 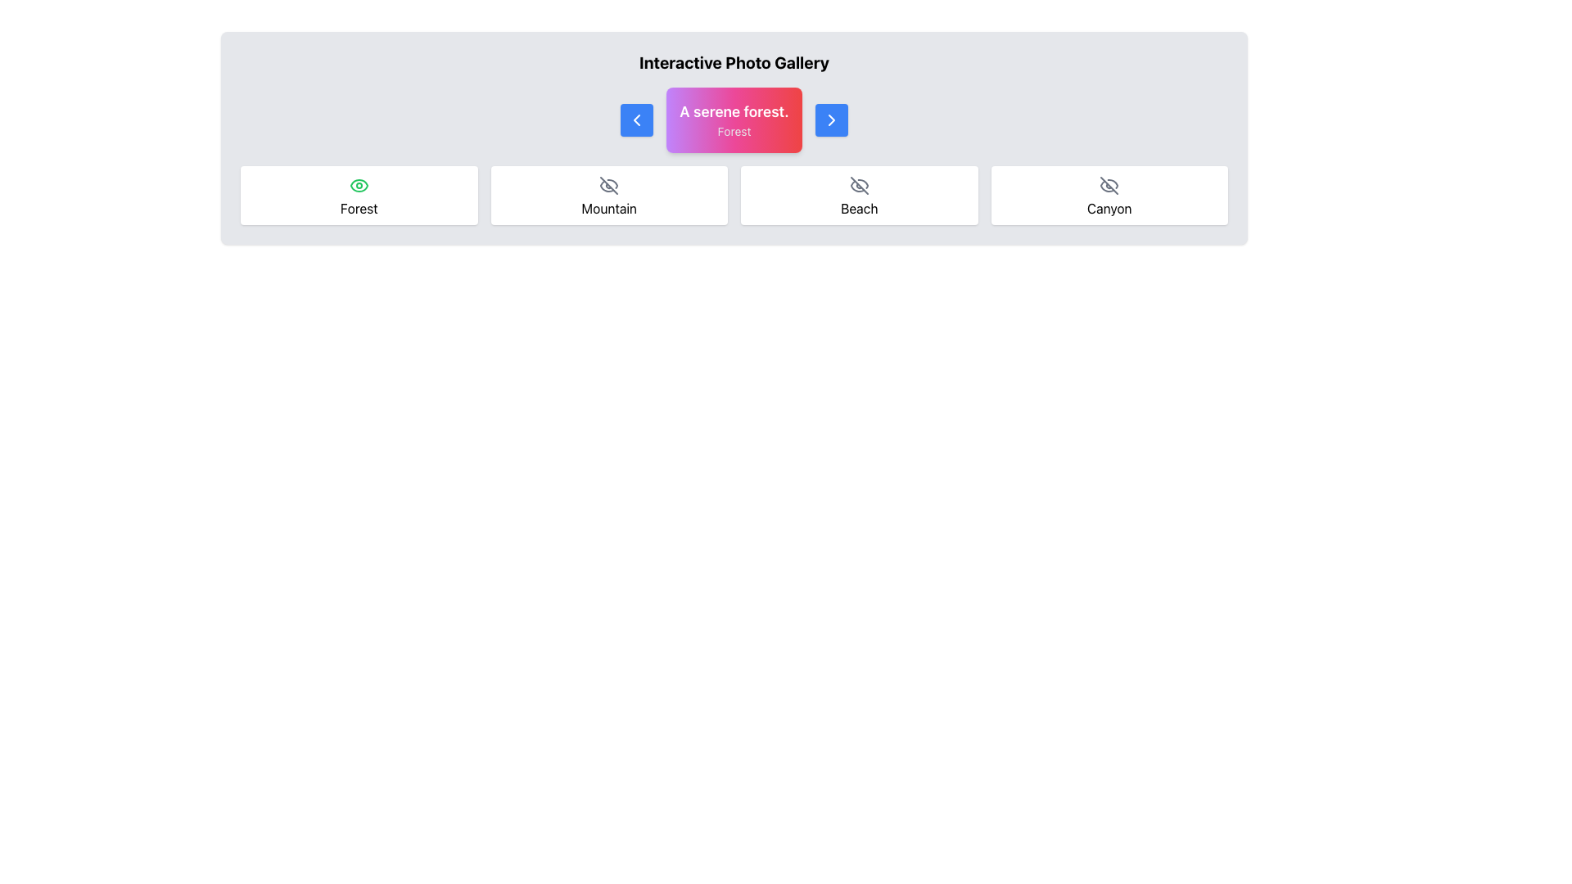 I want to click on the right-pointing arrow icon button, which is styled modernly with a white color on a blue background, located next to the text 'A serene forest. Forest' in the interactive photo gallery, so click(x=831, y=119).